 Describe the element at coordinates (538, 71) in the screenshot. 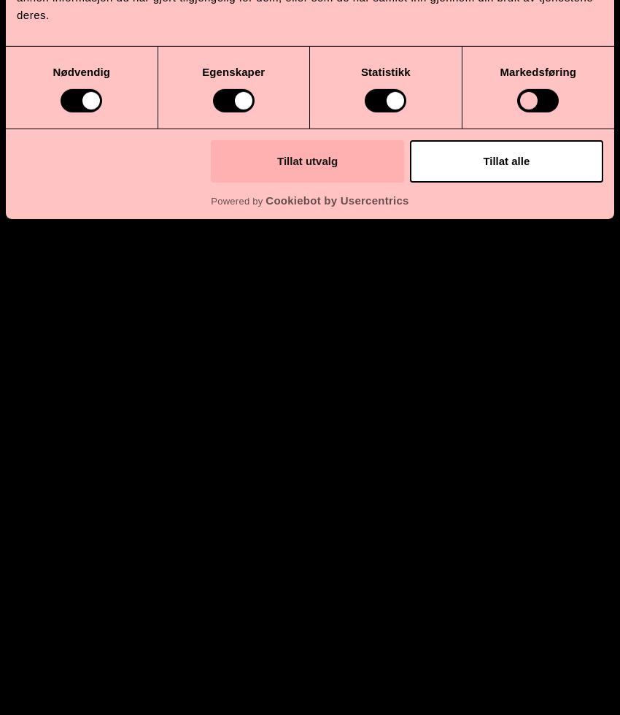

I see `'Markedsføring'` at that location.